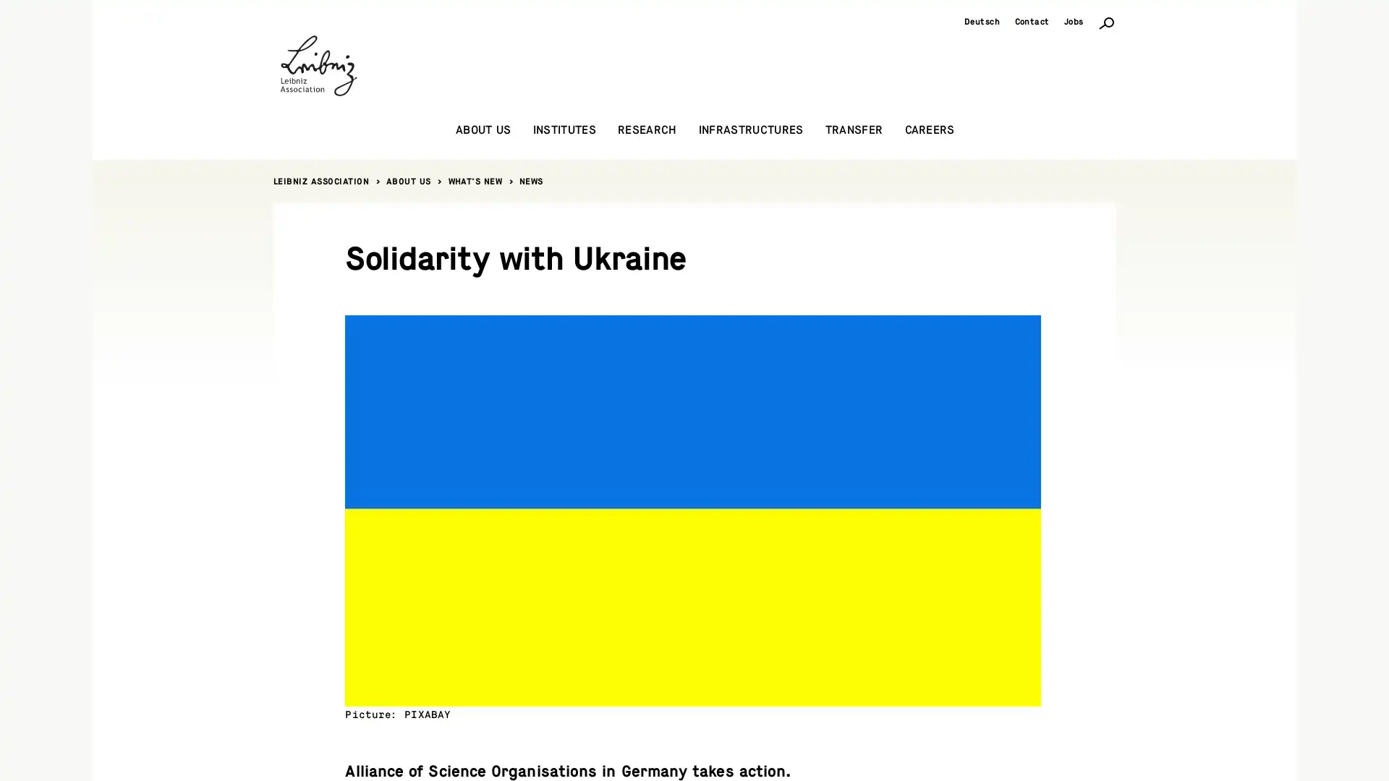  Describe the element at coordinates (563, 130) in the screenshot. I see `INSTITUTES` at that location.